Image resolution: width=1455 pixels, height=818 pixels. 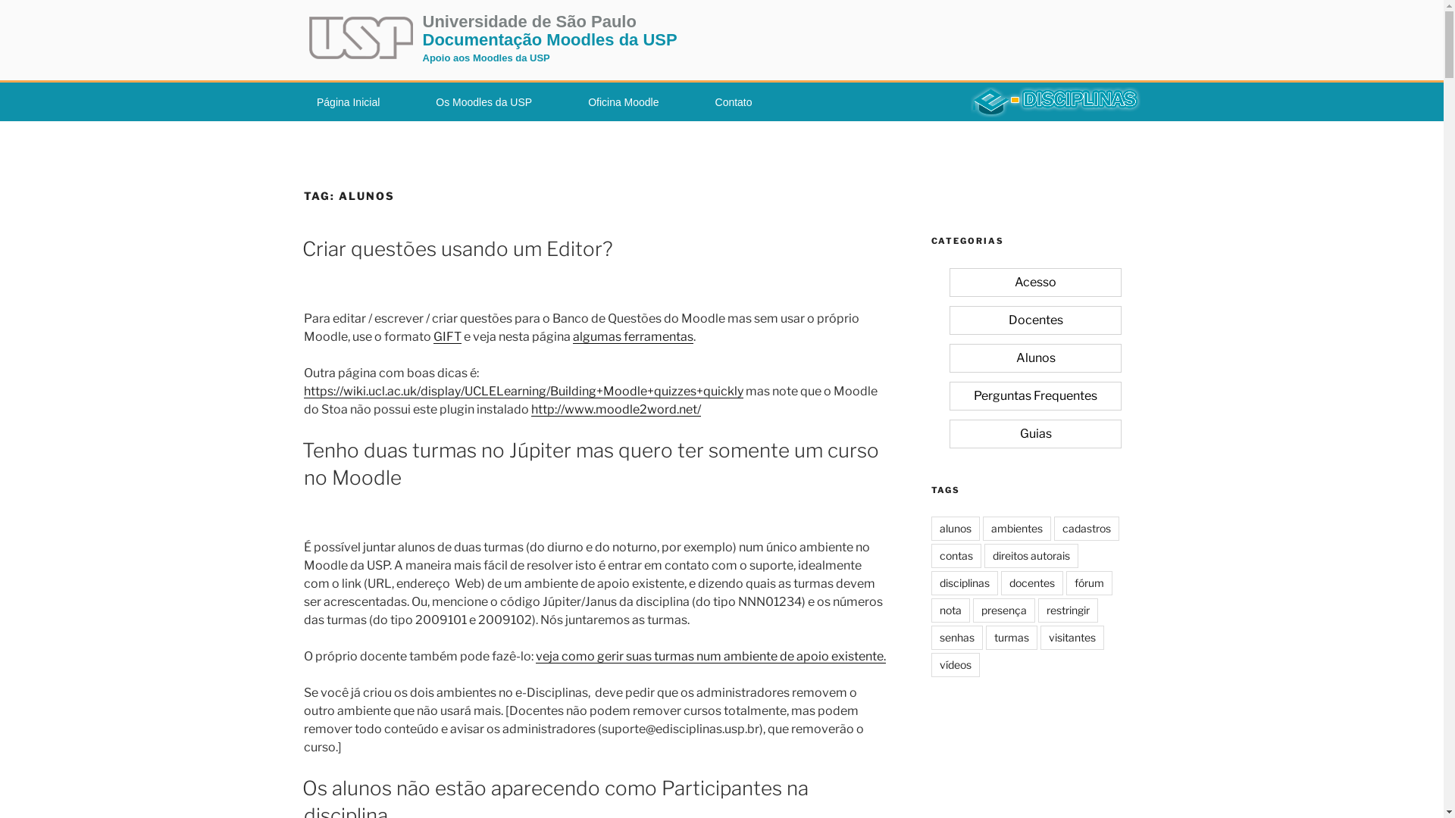 What do you see at coordinates (930, 610) in the screenshot?
I see `'nota'` at bounding box center [930, 610].